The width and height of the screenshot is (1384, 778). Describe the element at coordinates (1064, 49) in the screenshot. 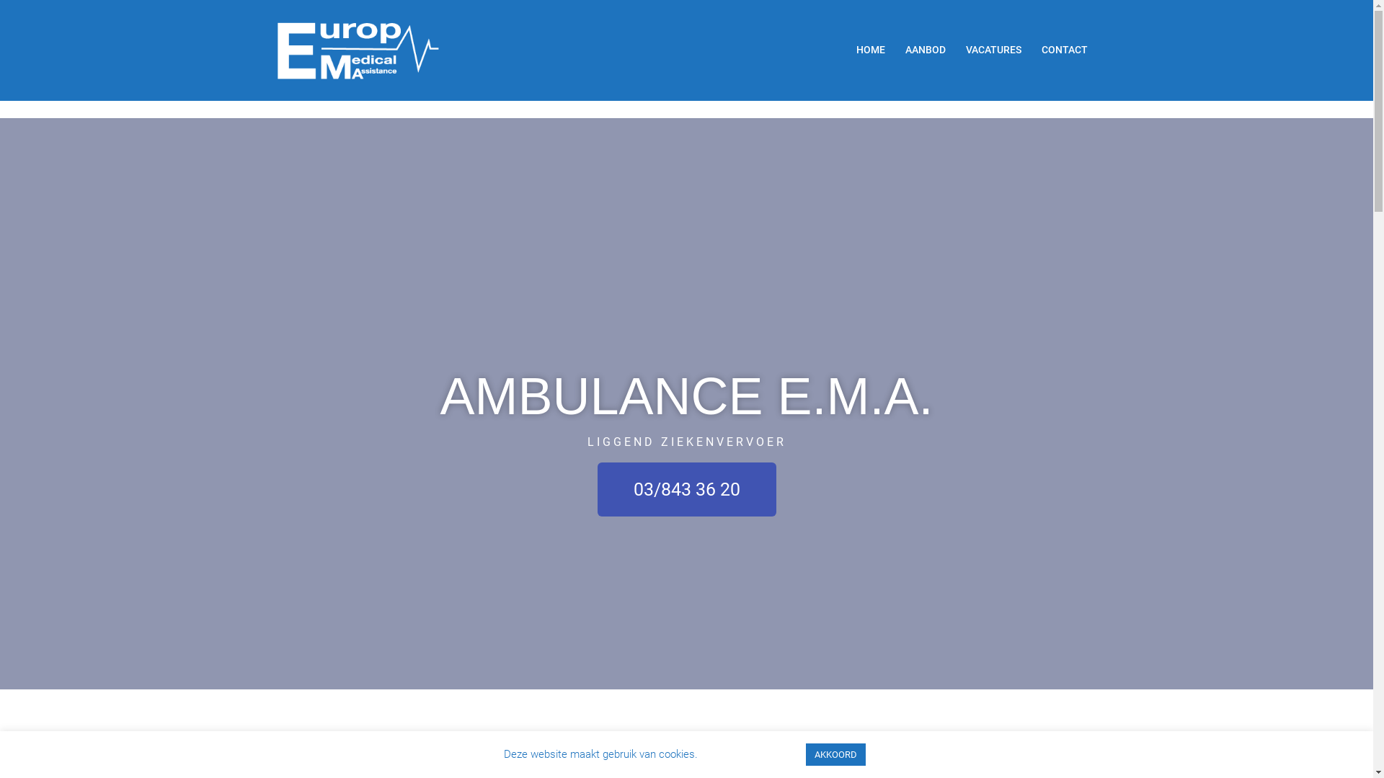

I see `'CONTACT'` at that location.